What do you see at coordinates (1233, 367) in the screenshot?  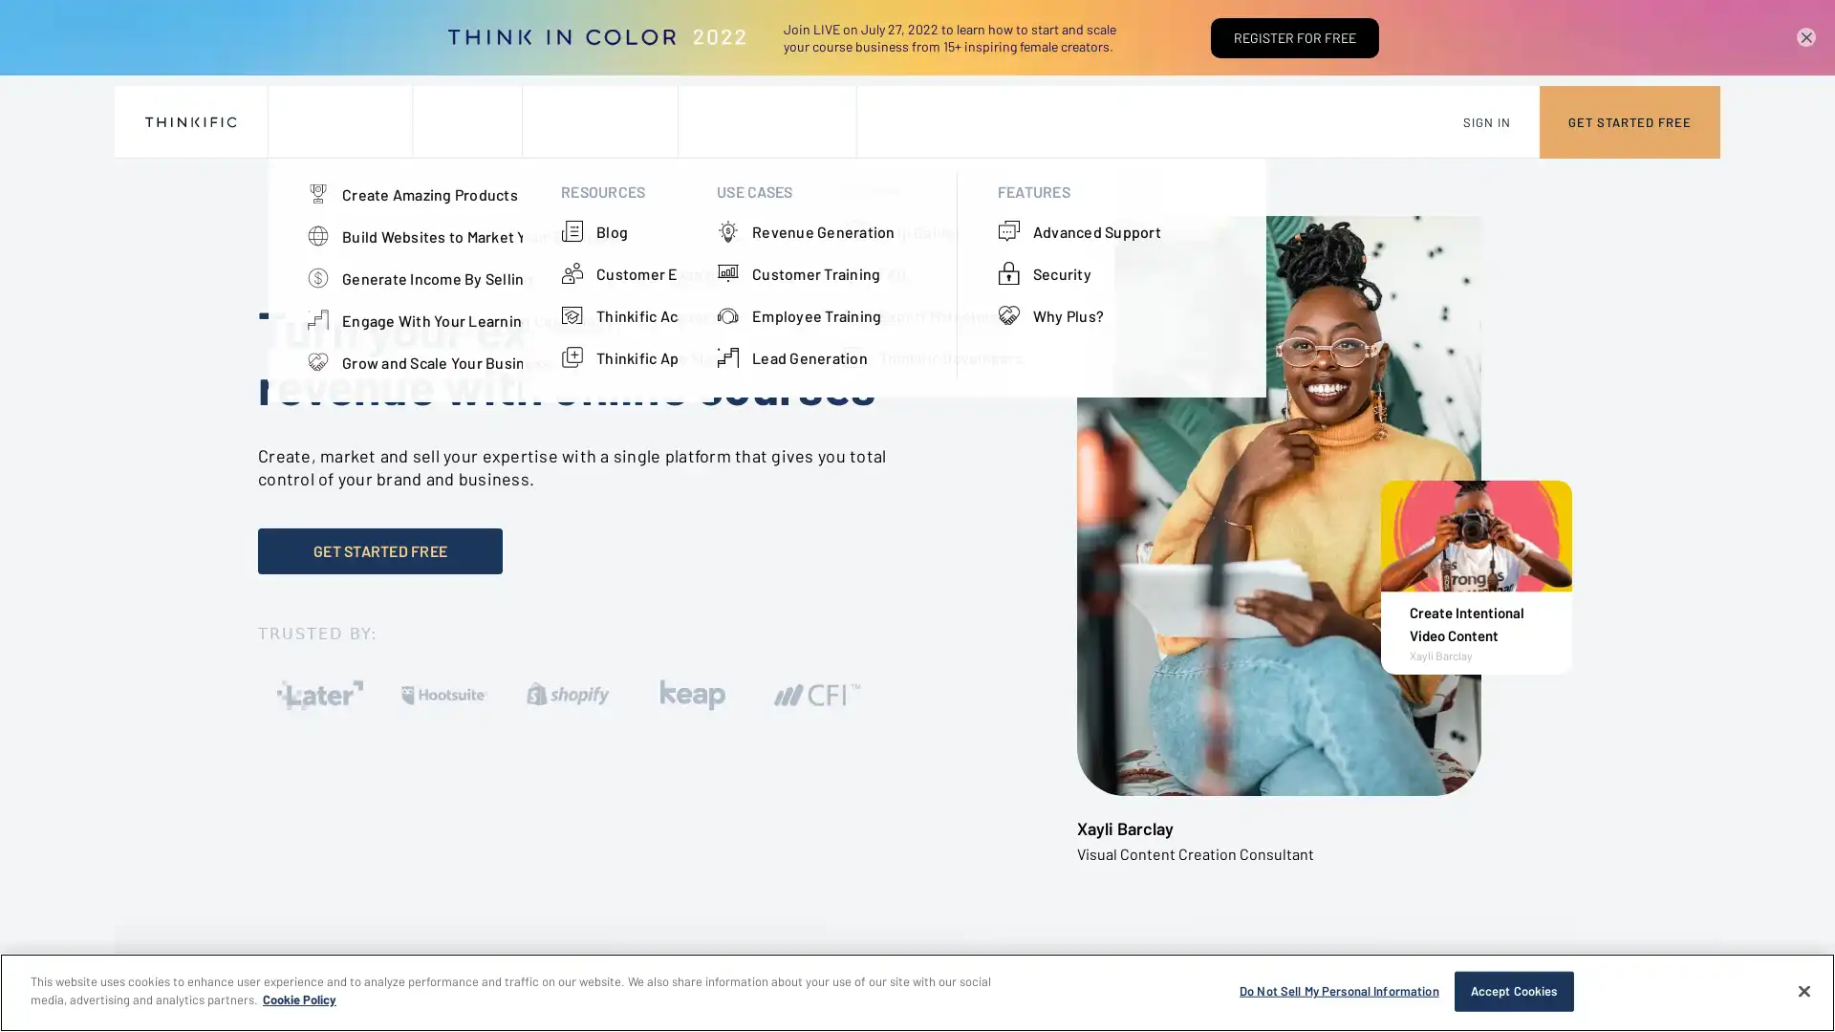 I see `Close the modal` at bounding box center [1233, 367].